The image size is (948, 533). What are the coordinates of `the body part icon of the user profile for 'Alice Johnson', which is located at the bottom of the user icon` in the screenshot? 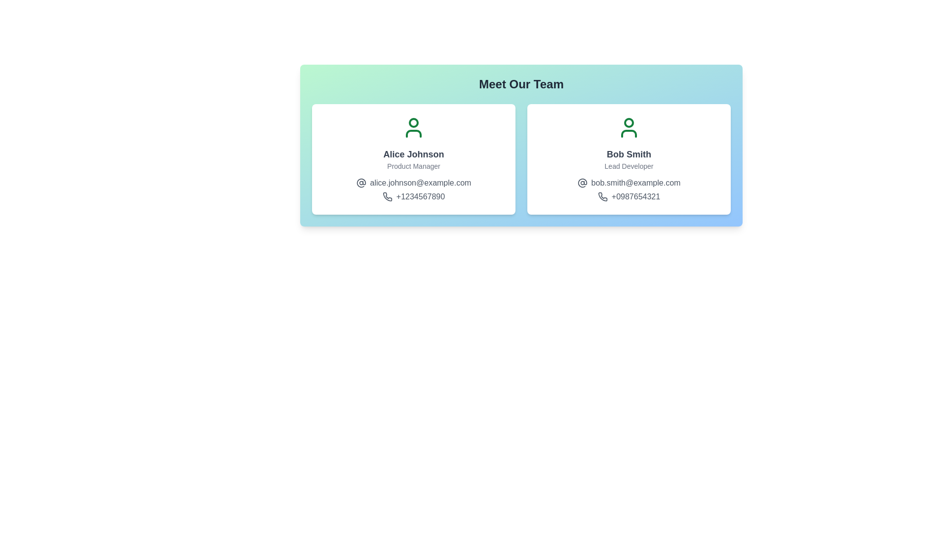 It's located at (414, 133).